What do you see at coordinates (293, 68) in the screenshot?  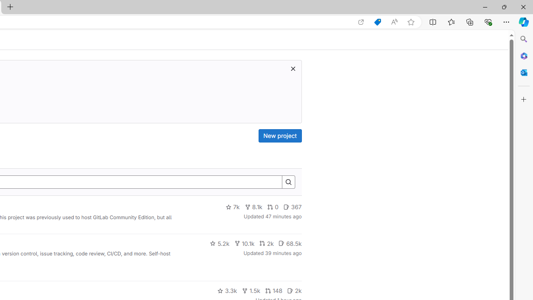 I see `'Dismiss trial promotion'` at bounding box center [293, 68].